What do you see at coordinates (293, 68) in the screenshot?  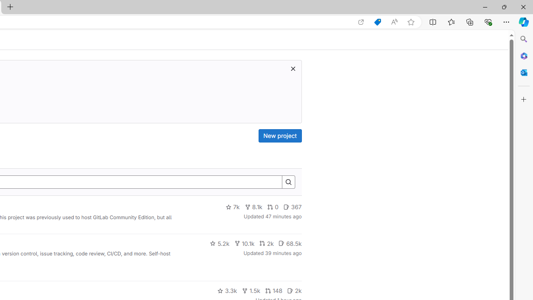 I see `'Dismiss trial promotion'` at bounding box center [293, 68].